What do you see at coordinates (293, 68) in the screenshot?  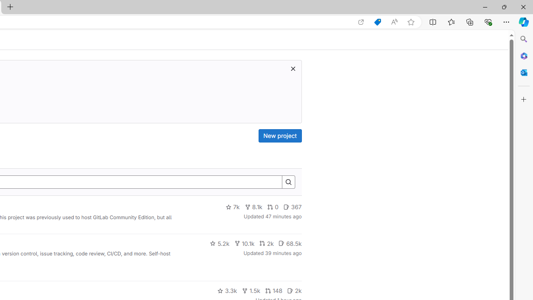 I see `'Dismiss trial promotion'` at bounding box center [293, 68].